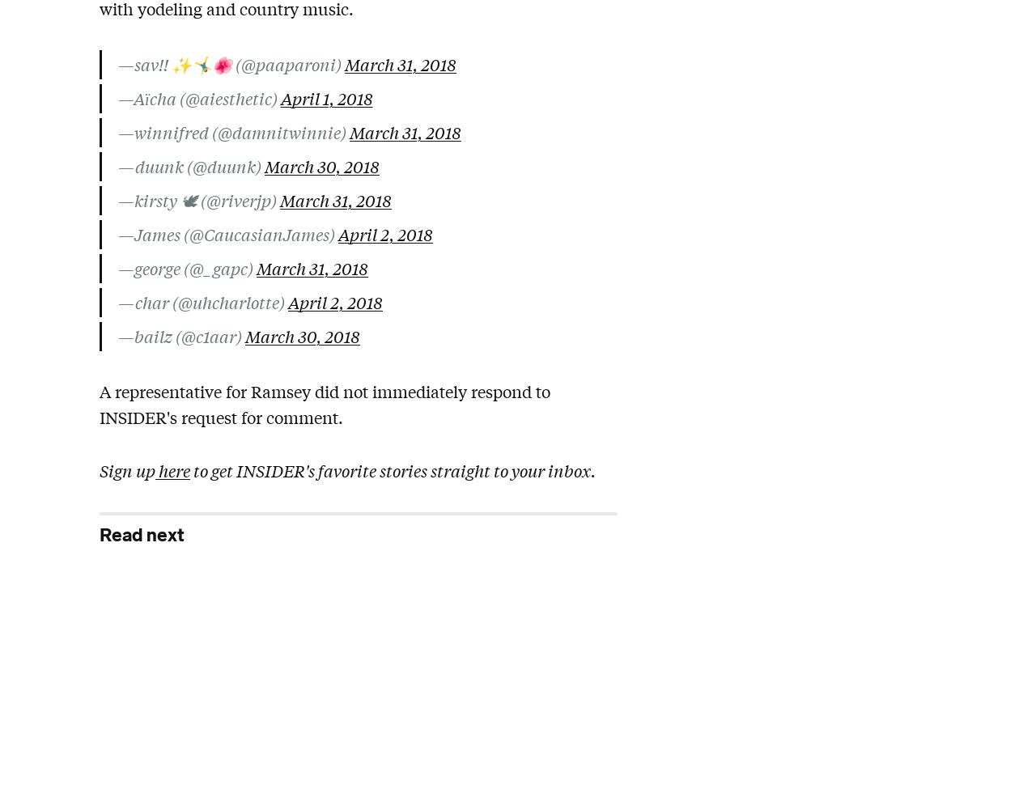 The height and width of the screenshot is (793, 1036). Describe the element at coordinates (142, 534) in the screenshot. I see `'Read next'` at that location.